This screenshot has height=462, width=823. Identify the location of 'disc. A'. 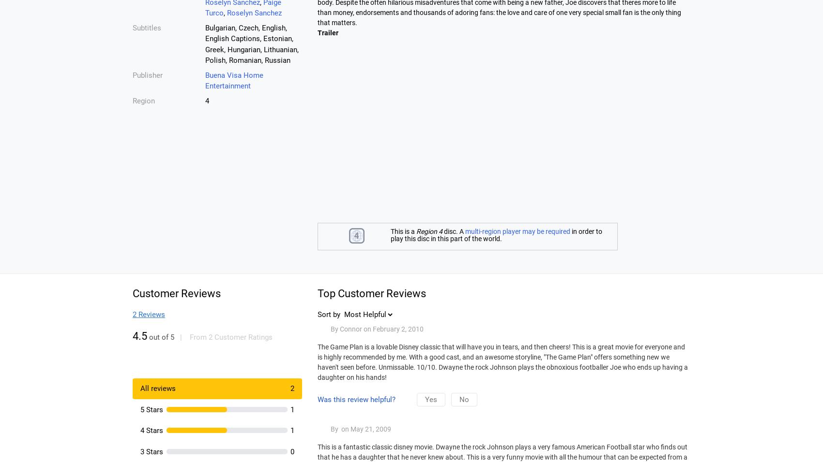
(454, 231).